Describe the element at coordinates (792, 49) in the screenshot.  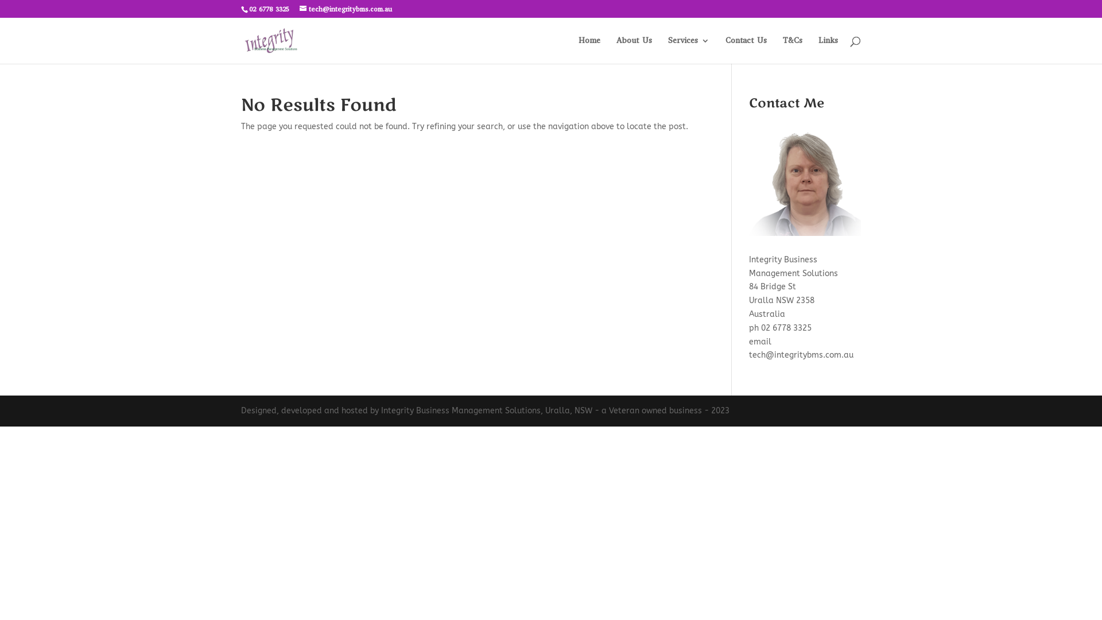
I see `'T&Cs'` at that location.